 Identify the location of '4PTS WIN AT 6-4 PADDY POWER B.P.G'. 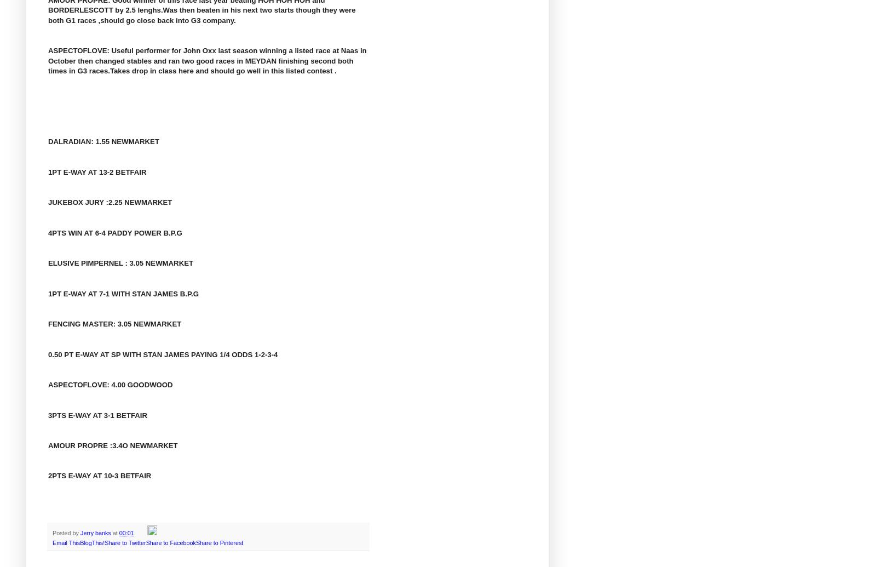
(48, 232).